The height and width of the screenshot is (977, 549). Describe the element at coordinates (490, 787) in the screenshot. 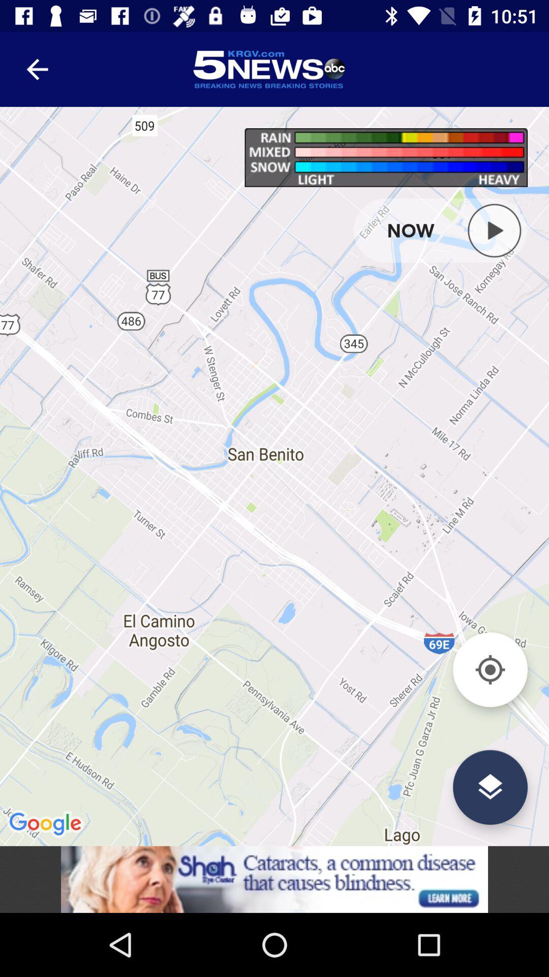

I see `the layers icon` at that location.